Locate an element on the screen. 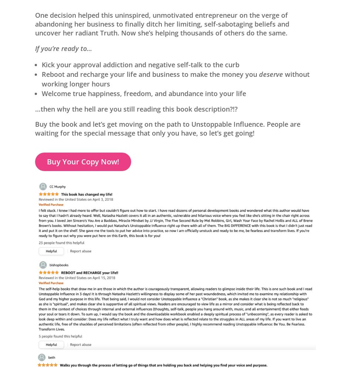 This screenshot has height=368, width=351. 'If you’re ready to…' is located at coordinates (35, 47).